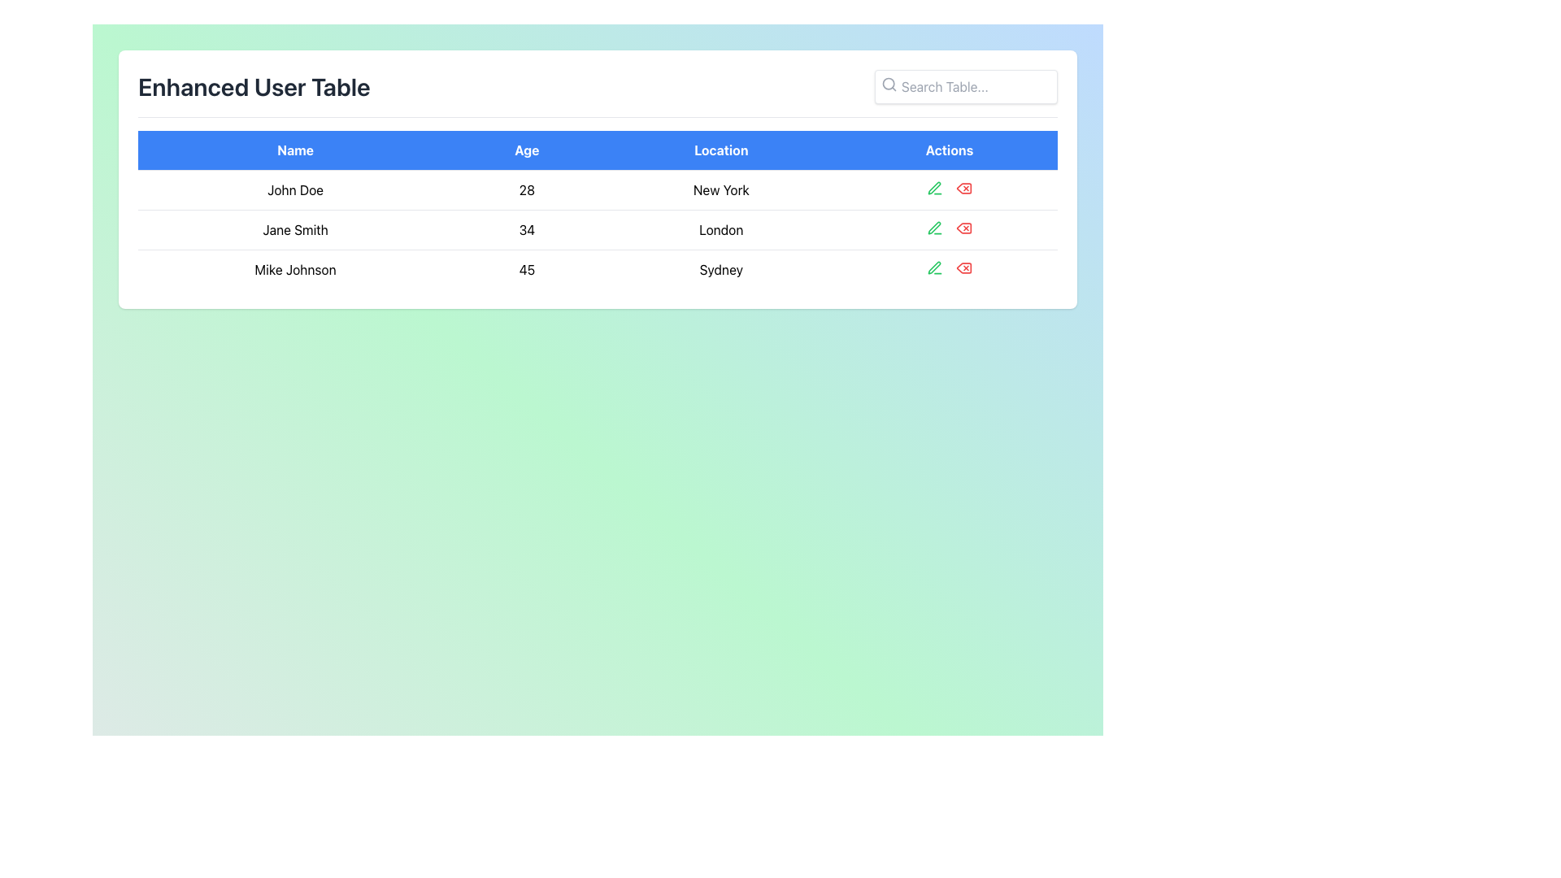  I want to click on the 'Location' TextLabel, which is the third header in the data table, positioned between 'Age' and 'Actions', so click(720, 150).